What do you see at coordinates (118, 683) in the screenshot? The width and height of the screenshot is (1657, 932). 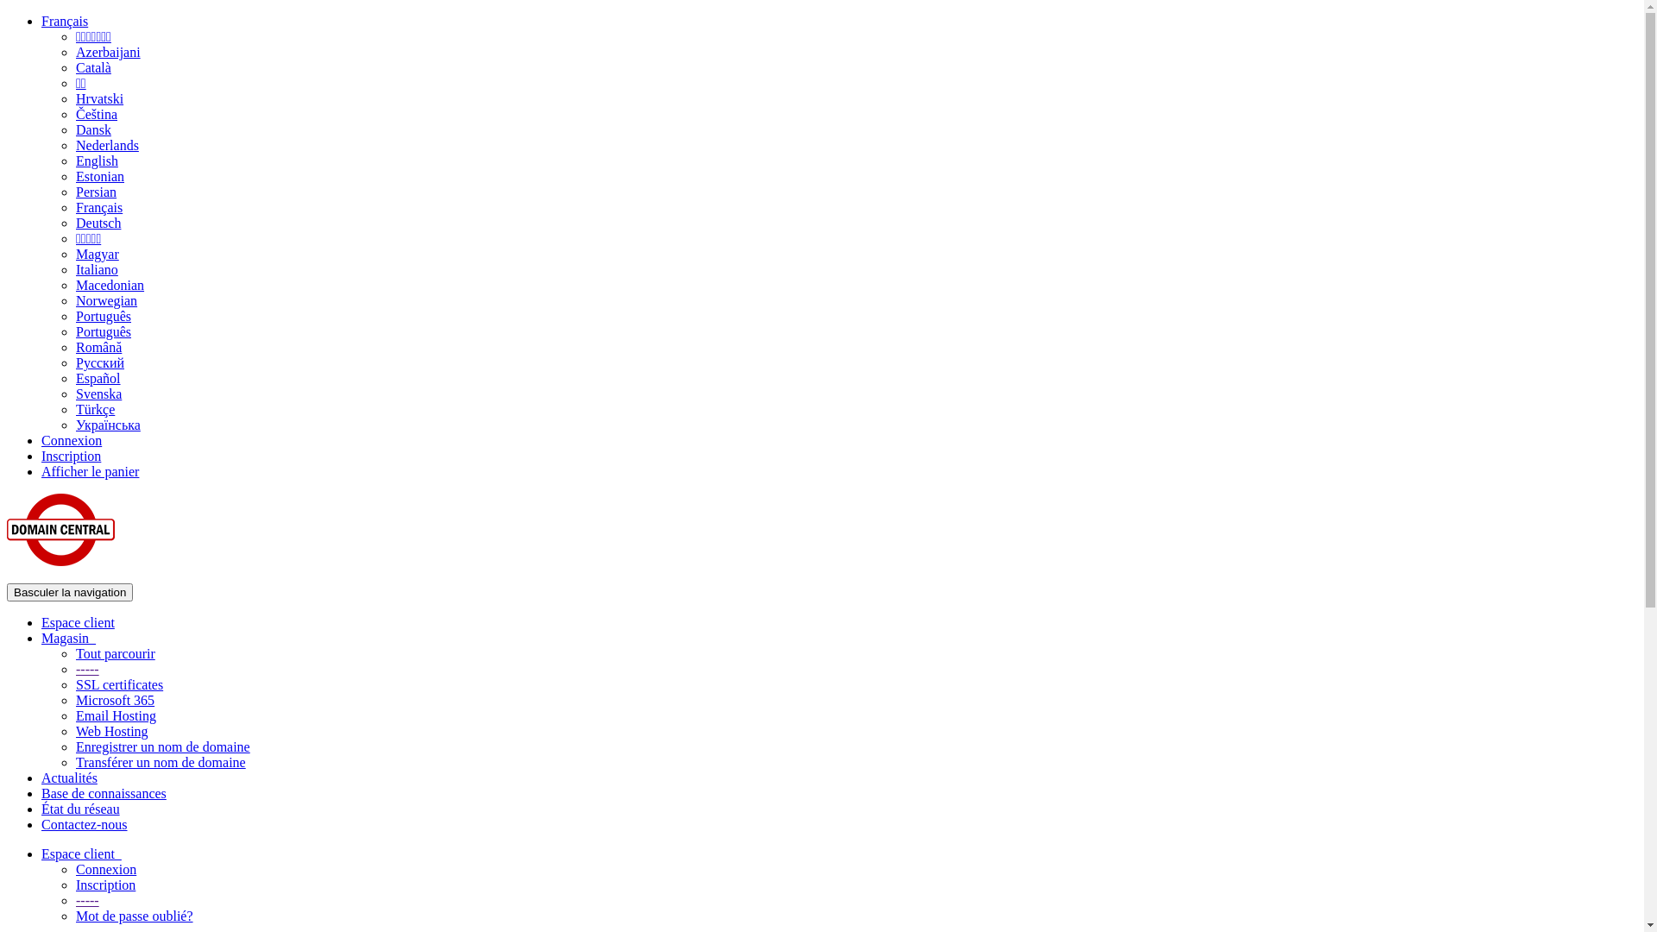 I see `'SSL certificates'` at bounding box center [118, 683].